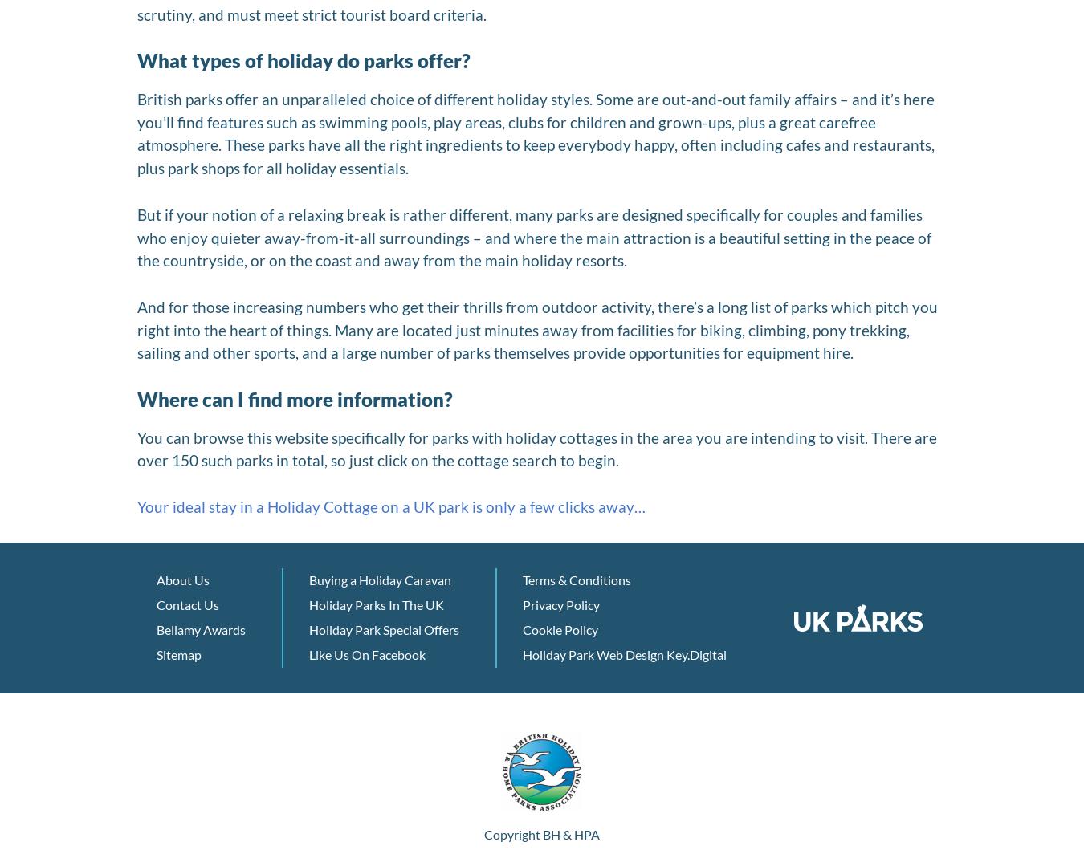  Describe the element at coordinates (390, 506) in the screenshot. I see `'Your ideal stay in a Holiday Cottage on a UK park is only a few clicks away…'` at that location.